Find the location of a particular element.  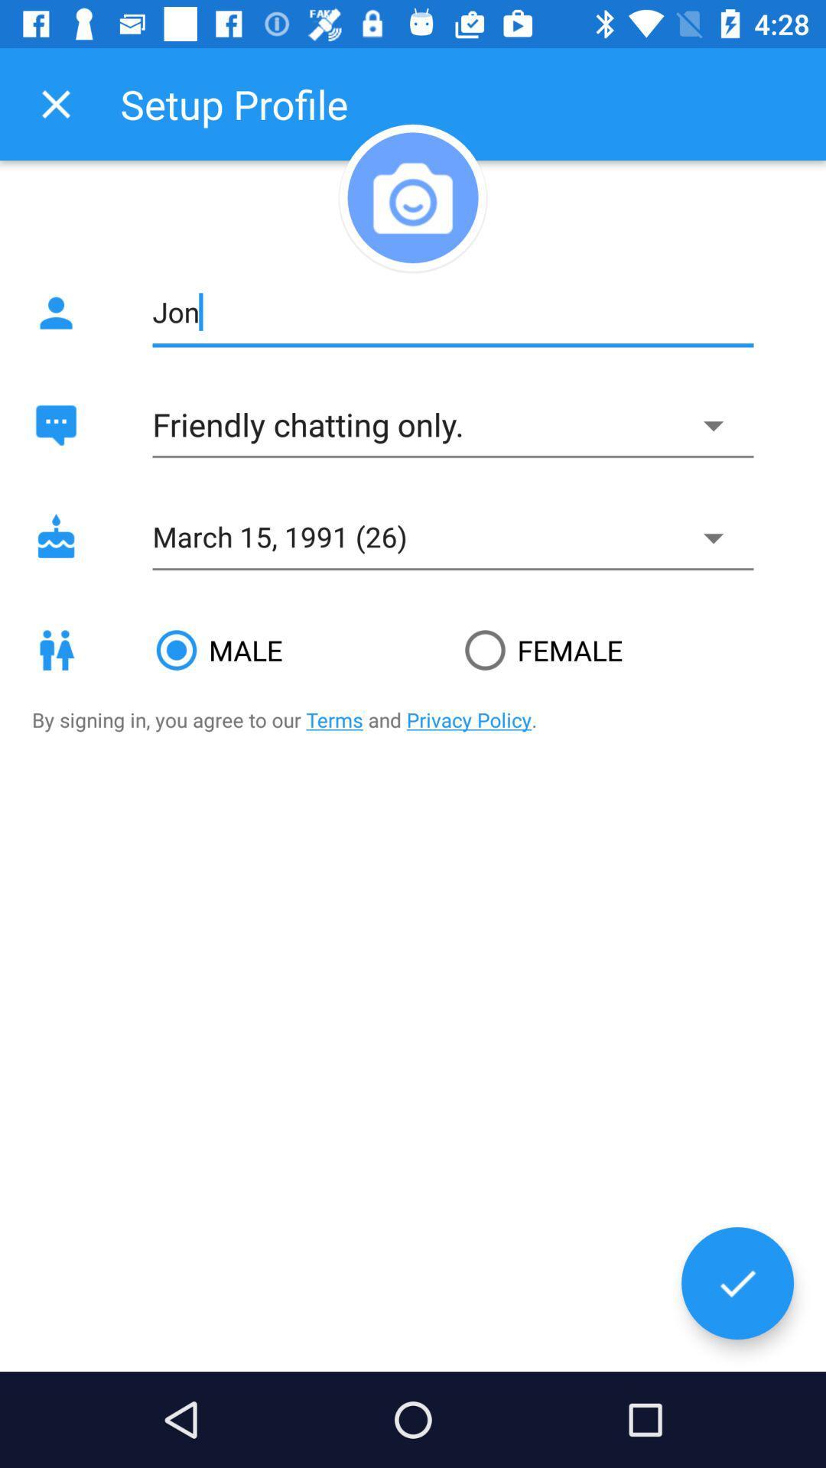

photo is located at coordinates (413, 196).